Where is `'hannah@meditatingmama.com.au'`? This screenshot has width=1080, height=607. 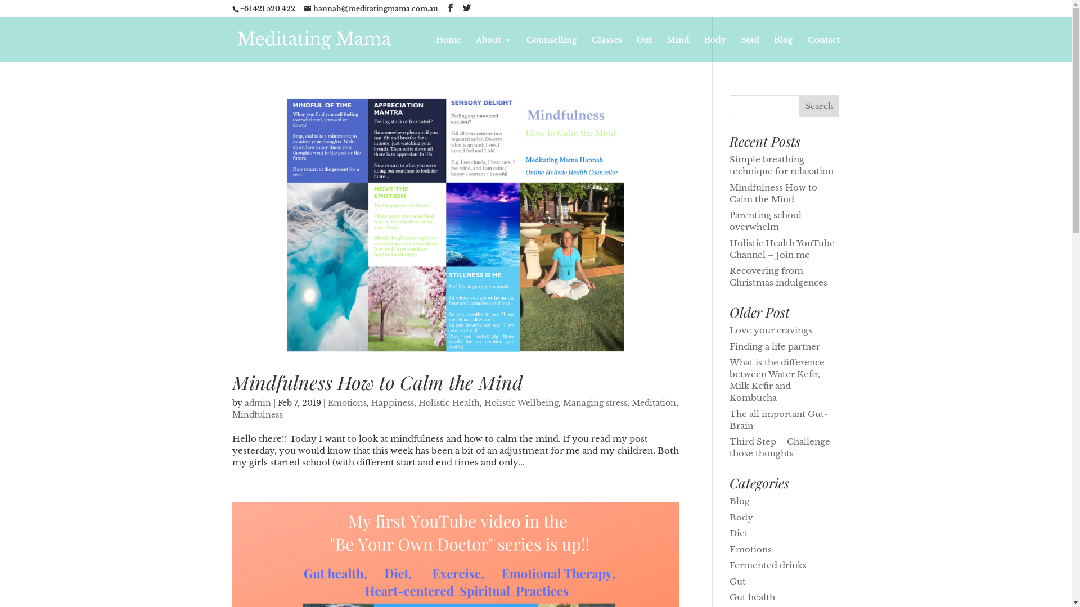
'hannah@meditatingmama.com.au' is located at coordinates (303, 8).